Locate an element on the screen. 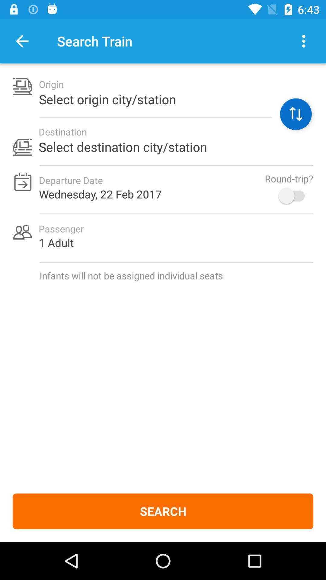 This screenshot has width=326, height=580. the icon on the right is located at coordinates (294, 196).